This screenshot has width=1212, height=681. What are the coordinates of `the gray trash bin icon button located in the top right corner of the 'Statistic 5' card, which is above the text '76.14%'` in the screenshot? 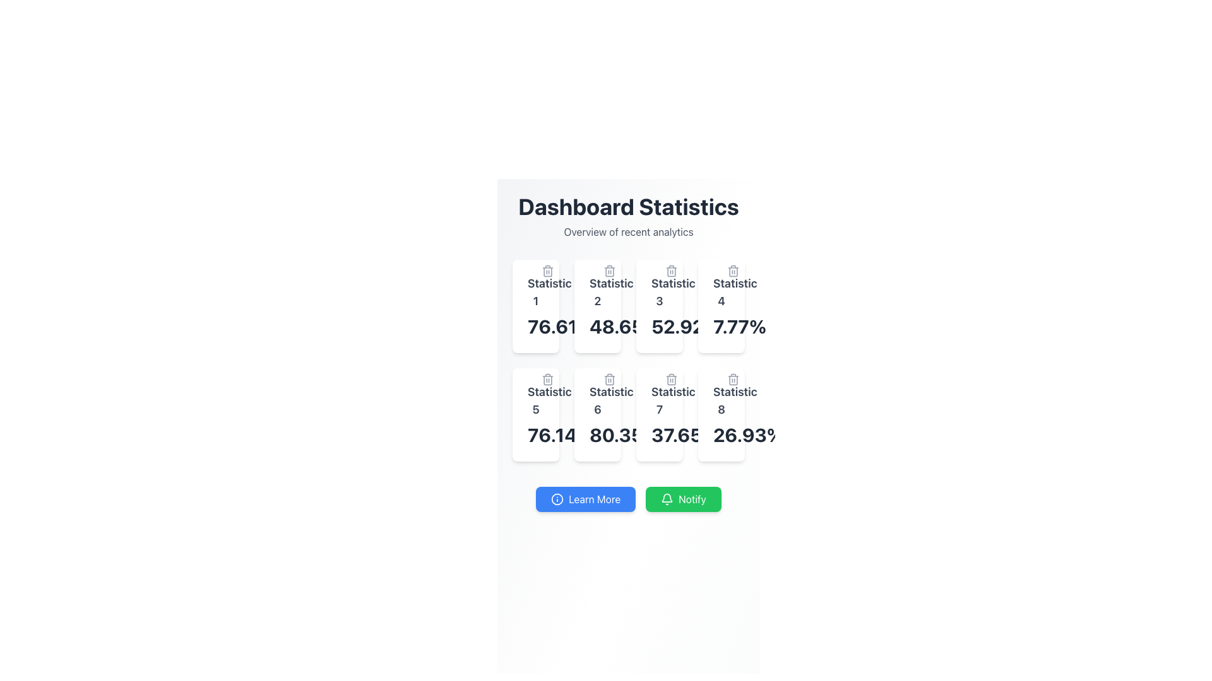 It's located at (548, 378).